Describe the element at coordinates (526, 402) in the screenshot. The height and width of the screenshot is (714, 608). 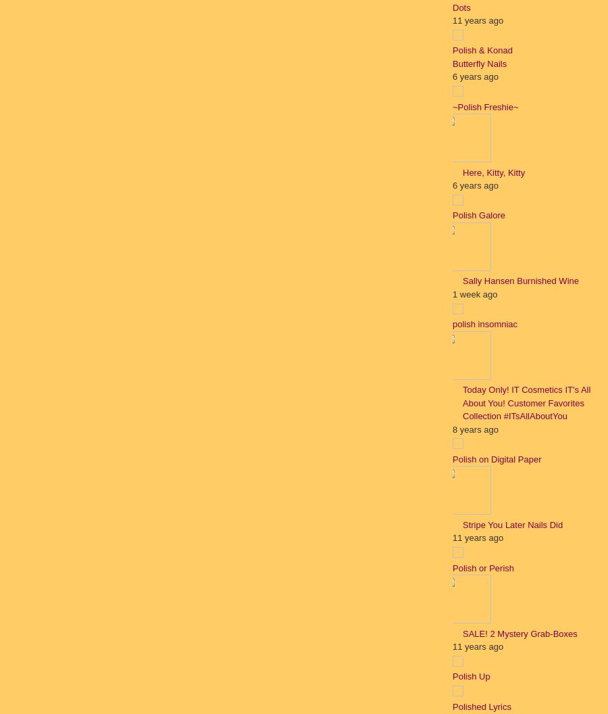
I see `'Today Only!  IT Cosmetics IT's All About You! Customer Favorites Collection #ITsAllAboutYou'` at that location.